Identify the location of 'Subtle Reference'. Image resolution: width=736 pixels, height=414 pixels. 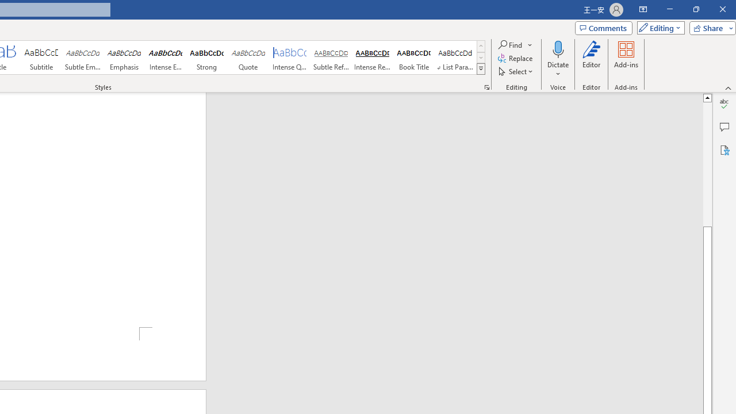
(331, 57).